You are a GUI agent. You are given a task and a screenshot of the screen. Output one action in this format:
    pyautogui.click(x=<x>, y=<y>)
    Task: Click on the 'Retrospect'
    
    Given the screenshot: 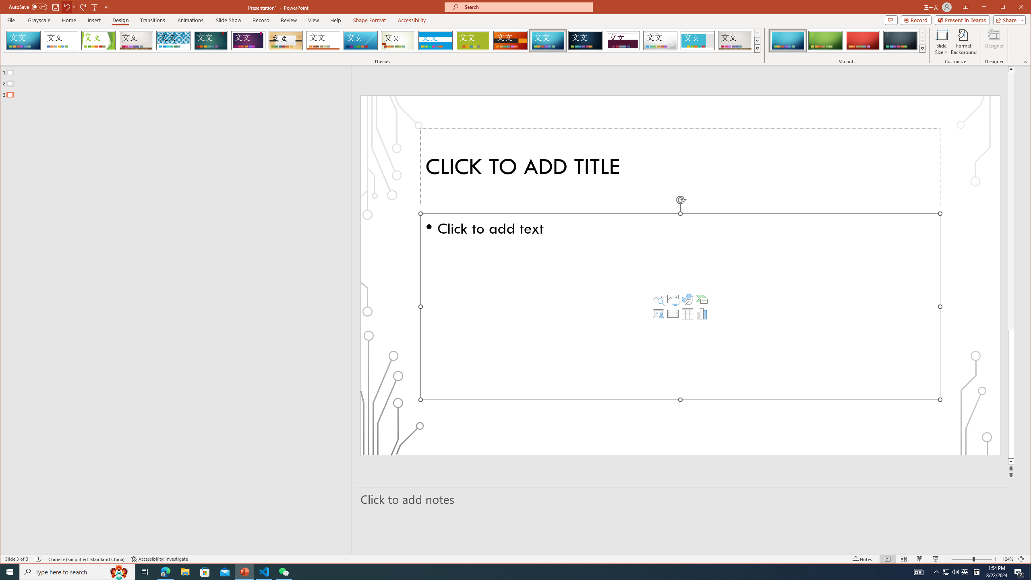 What is the action you would take?
    pyautogui.click(x=323, y=40)
    